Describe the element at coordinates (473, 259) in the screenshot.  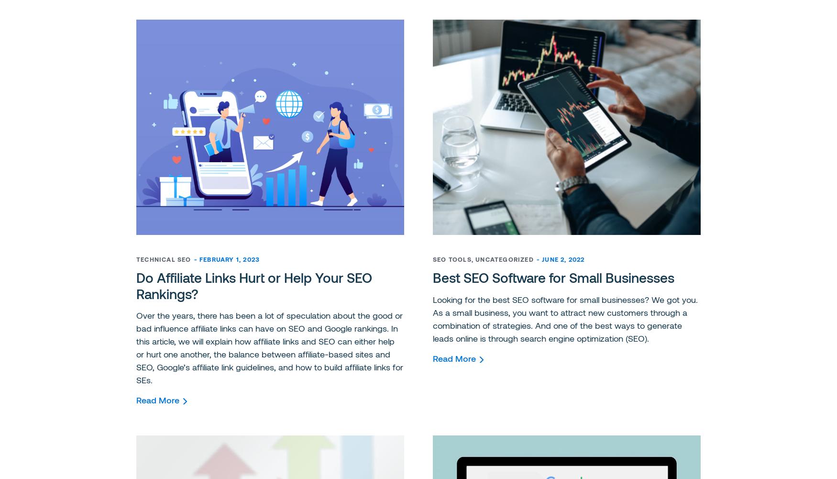
I see `','` at that location.